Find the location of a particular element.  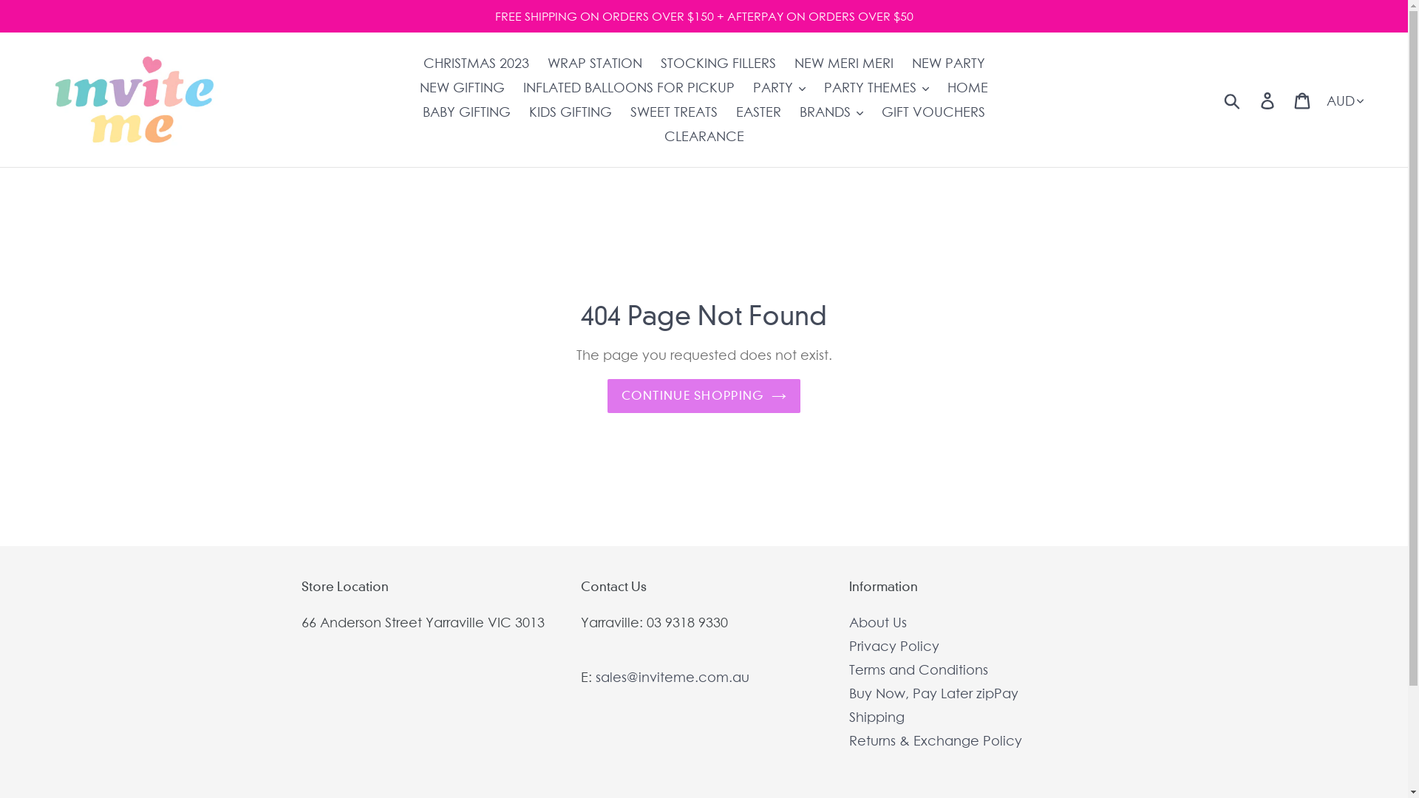

'Terms and Conditions' is located at coordinates (918, 669).